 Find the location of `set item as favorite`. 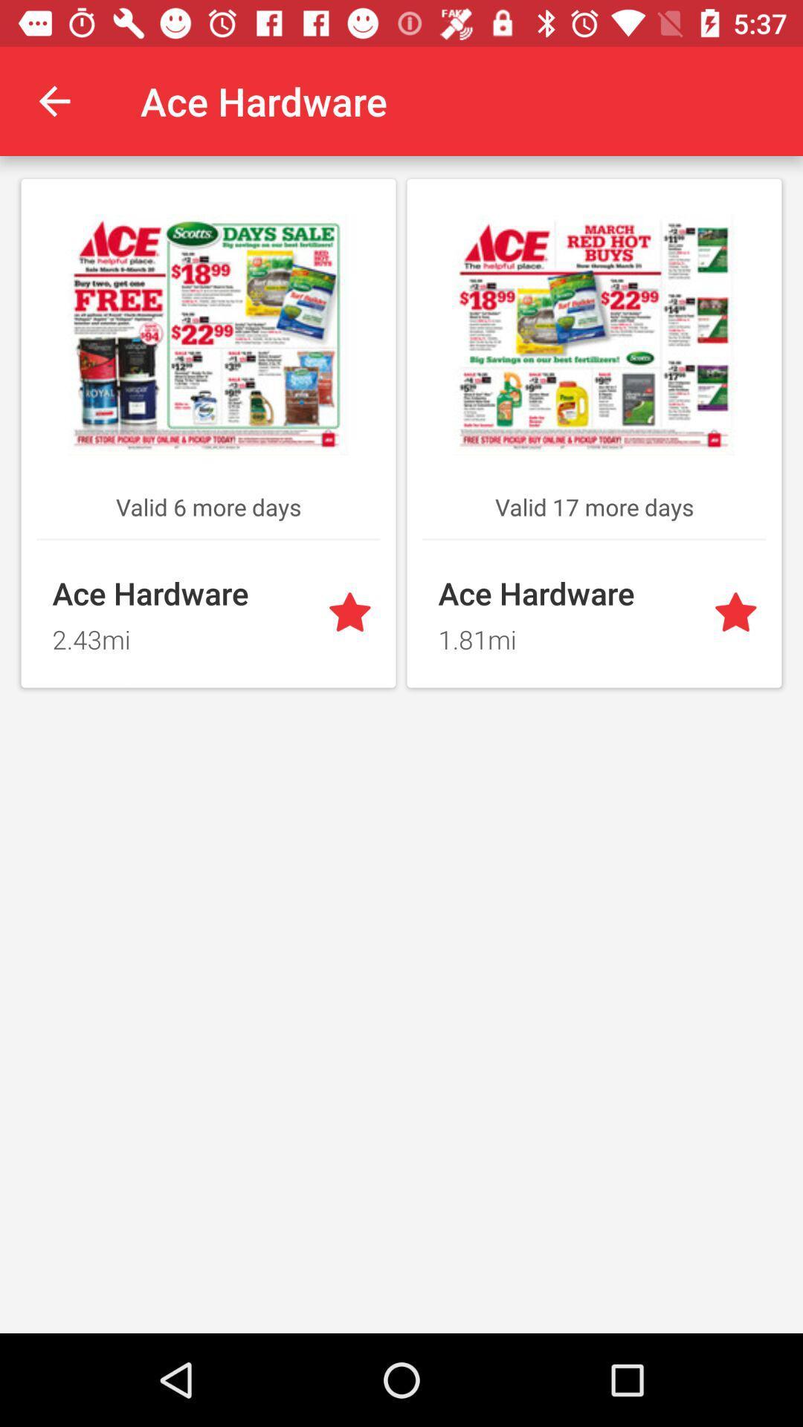

set item as favorite is located at coordinates (738, 614).